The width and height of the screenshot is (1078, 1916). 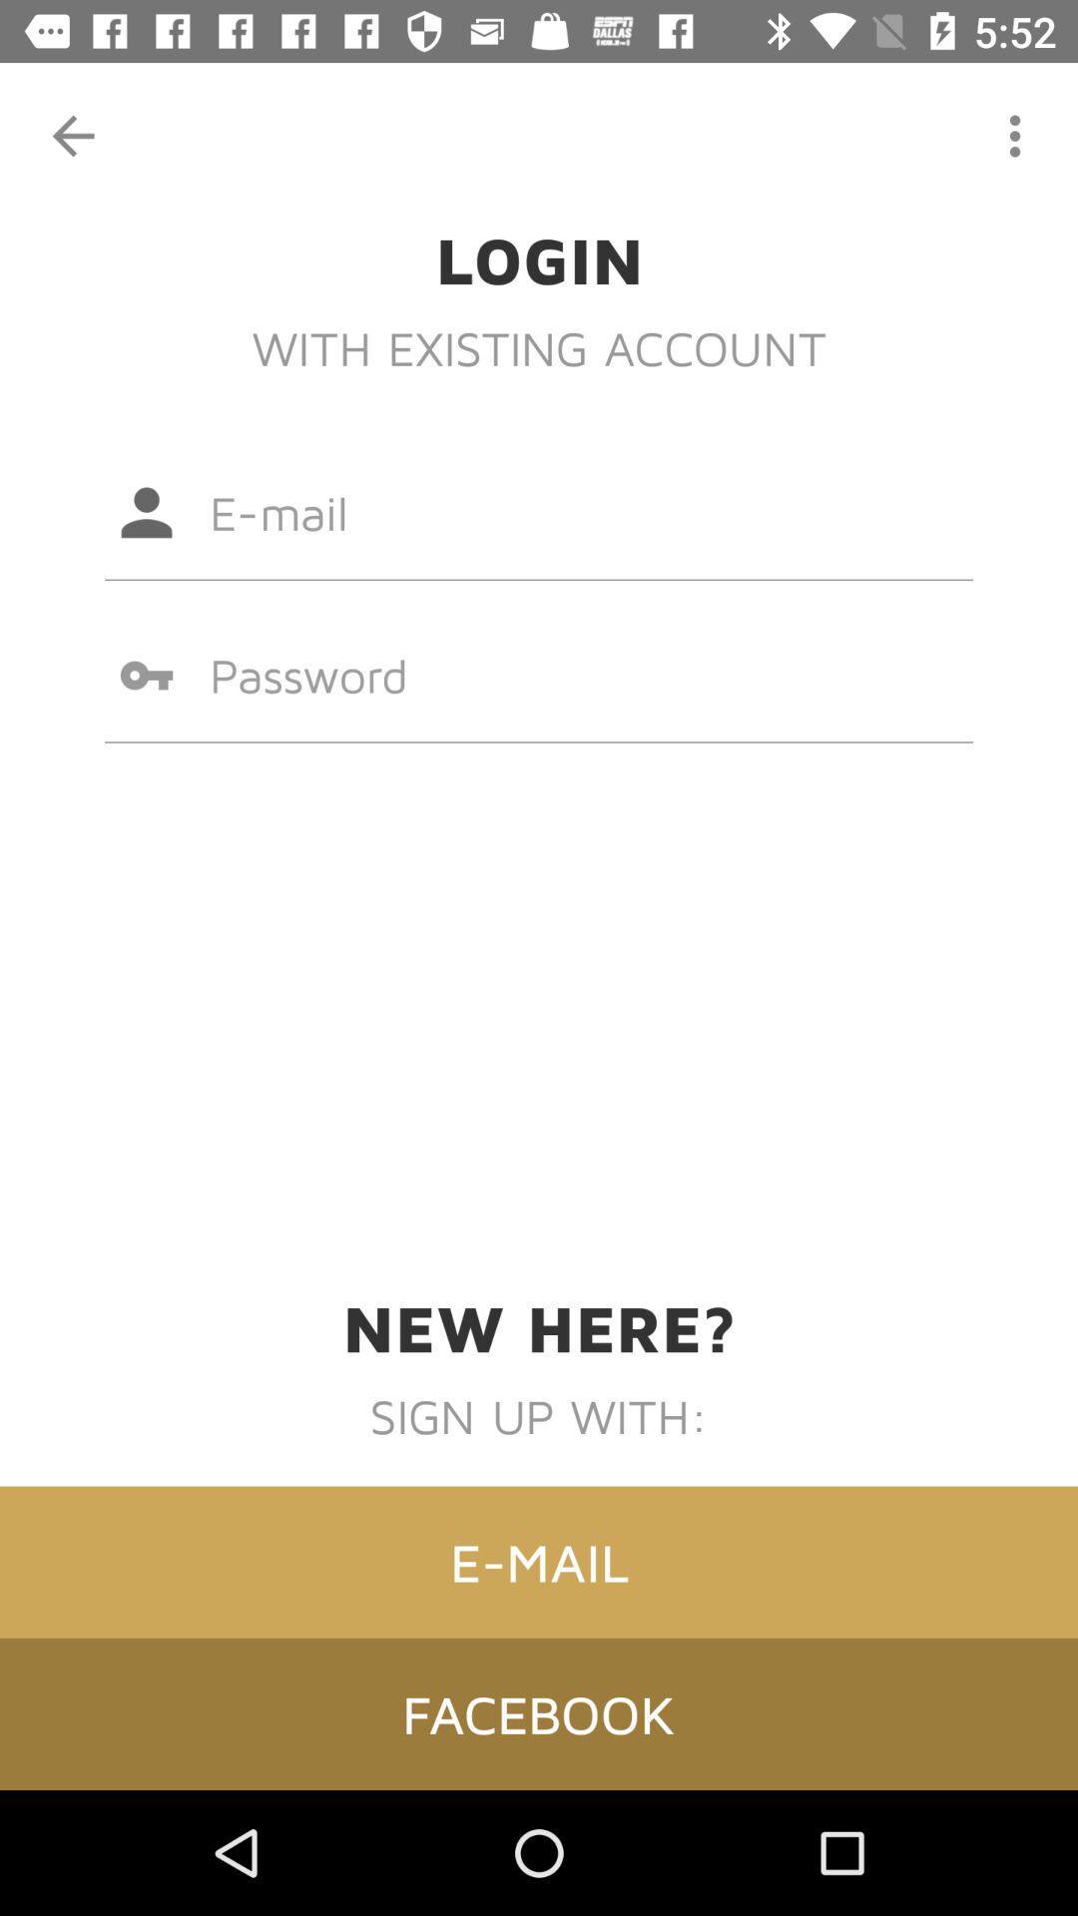 What do you see at coordinates (539, 1561) in the screenshot?
I see `e-mail` at bounding box center [539, 1561].